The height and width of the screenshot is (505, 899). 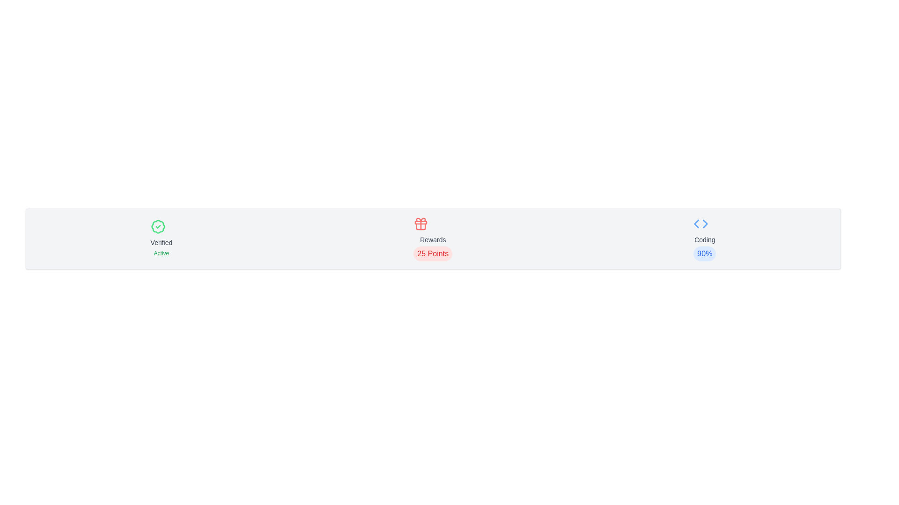 I want to click on displayed points value on the Text badge located beneath the 'Rewards' text and above the gift icon, so click(x=432, y=254).